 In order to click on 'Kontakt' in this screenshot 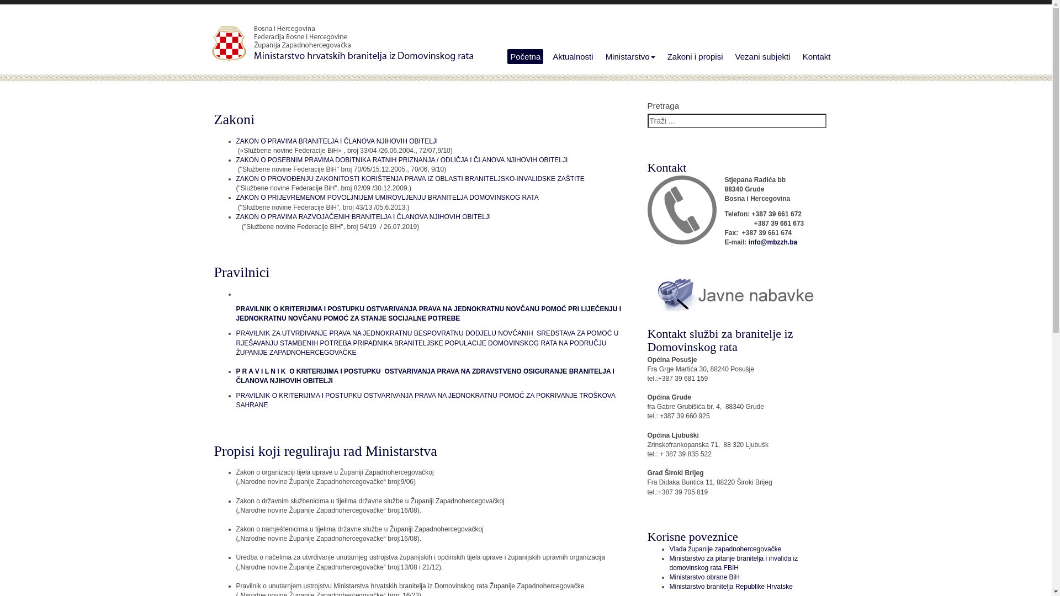, I will do `click(817, 56)`.